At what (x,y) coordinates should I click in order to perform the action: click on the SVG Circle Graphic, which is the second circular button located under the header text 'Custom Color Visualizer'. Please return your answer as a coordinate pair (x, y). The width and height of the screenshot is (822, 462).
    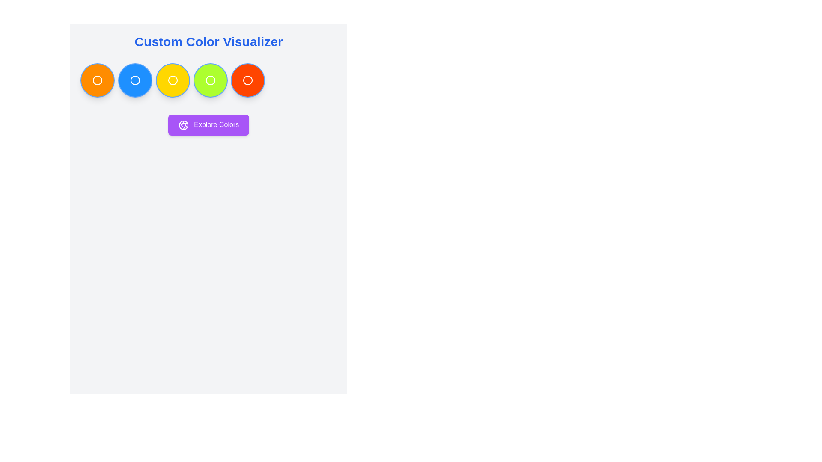
    Looking at the image, I should click on (134, 80).